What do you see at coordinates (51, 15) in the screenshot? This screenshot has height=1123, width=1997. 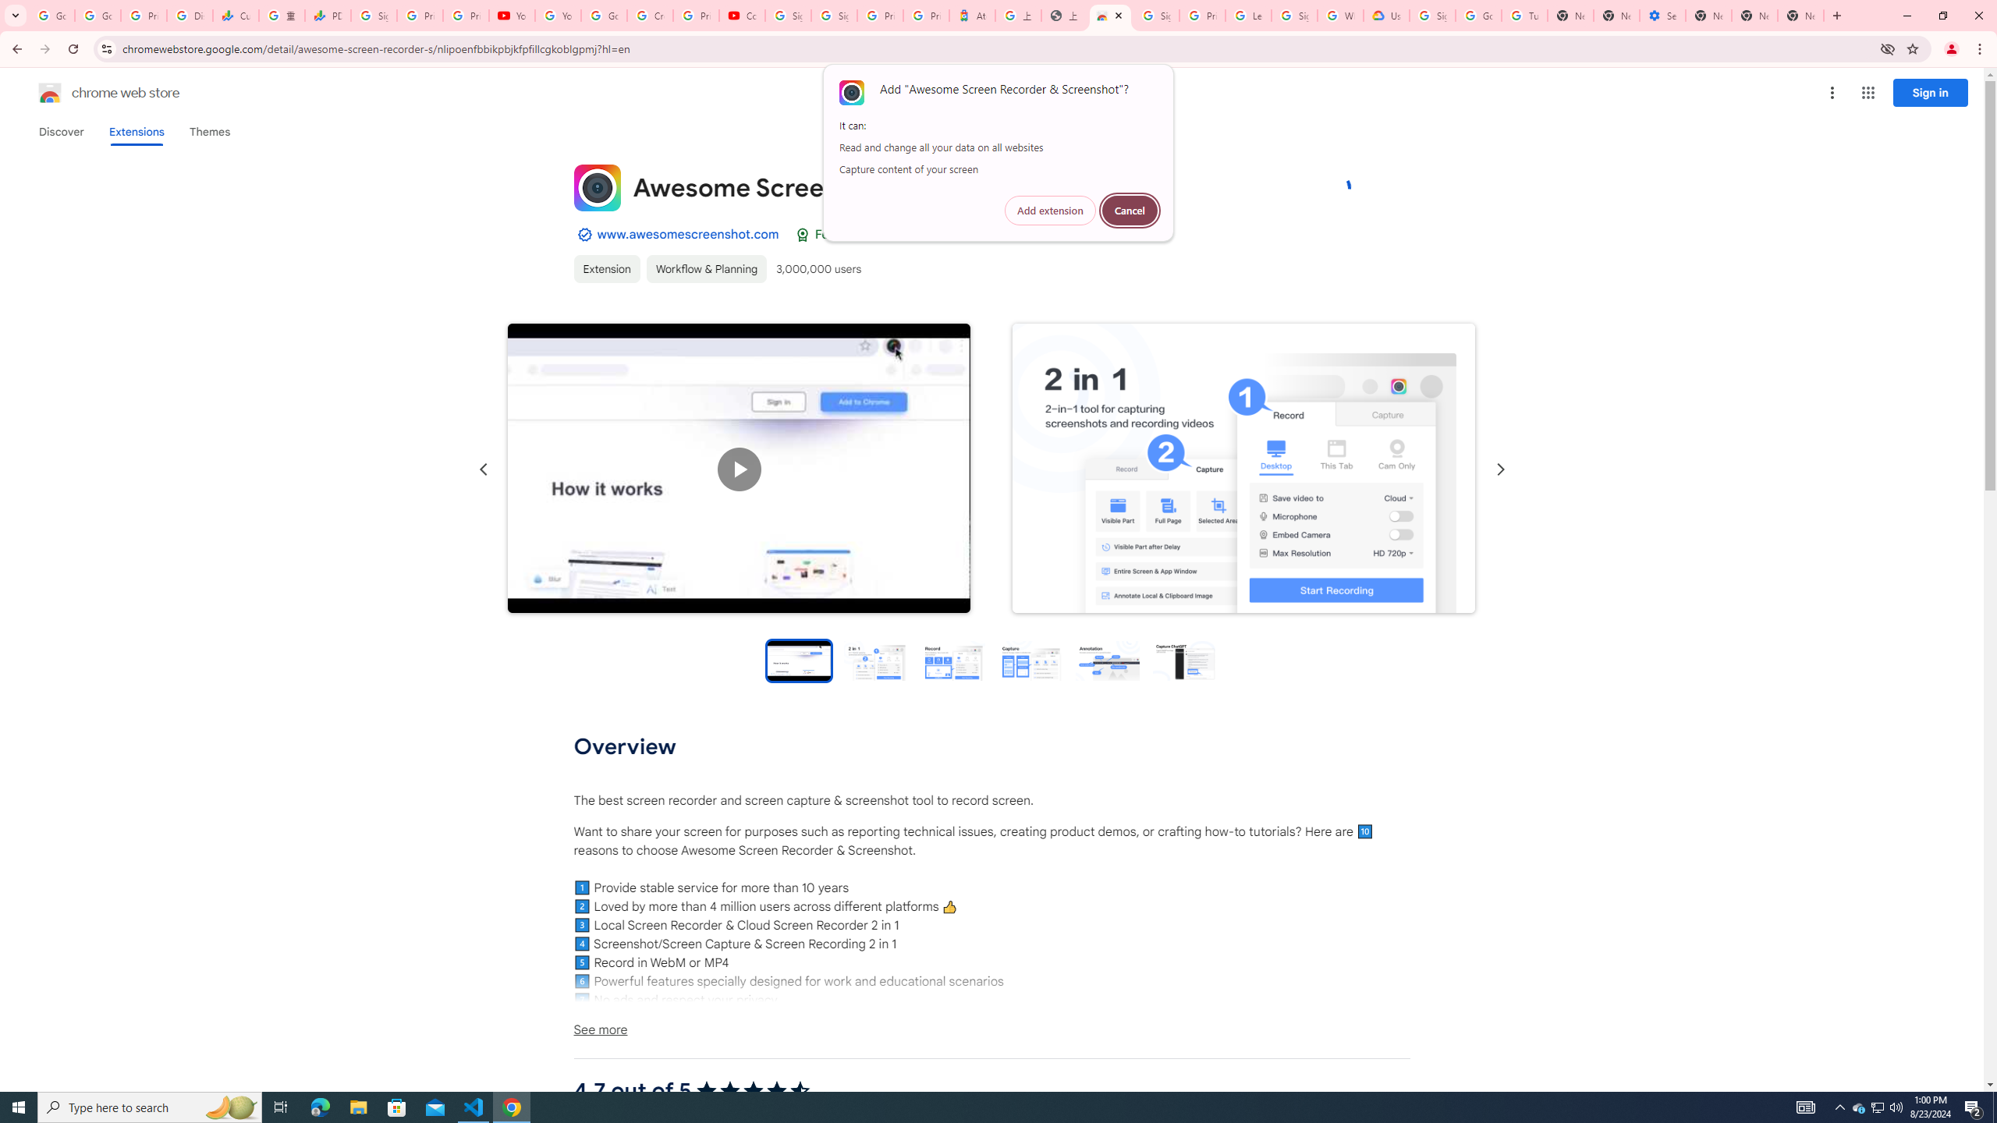 I see `'Google Workspace Admin Community'` at bounding box center [51, 15].